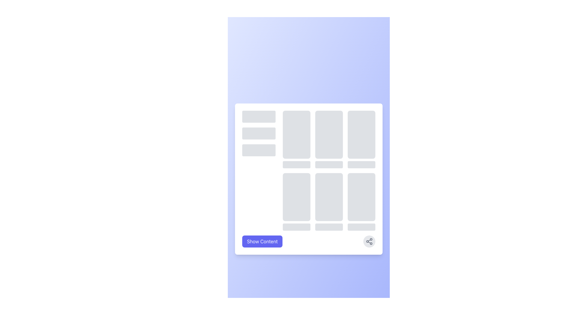 The width and height of the screenshot is (577, 324). I want to click on the second gray rounded rectangle placeholder in the vertical stack of three placeholders, so click(259, 133).